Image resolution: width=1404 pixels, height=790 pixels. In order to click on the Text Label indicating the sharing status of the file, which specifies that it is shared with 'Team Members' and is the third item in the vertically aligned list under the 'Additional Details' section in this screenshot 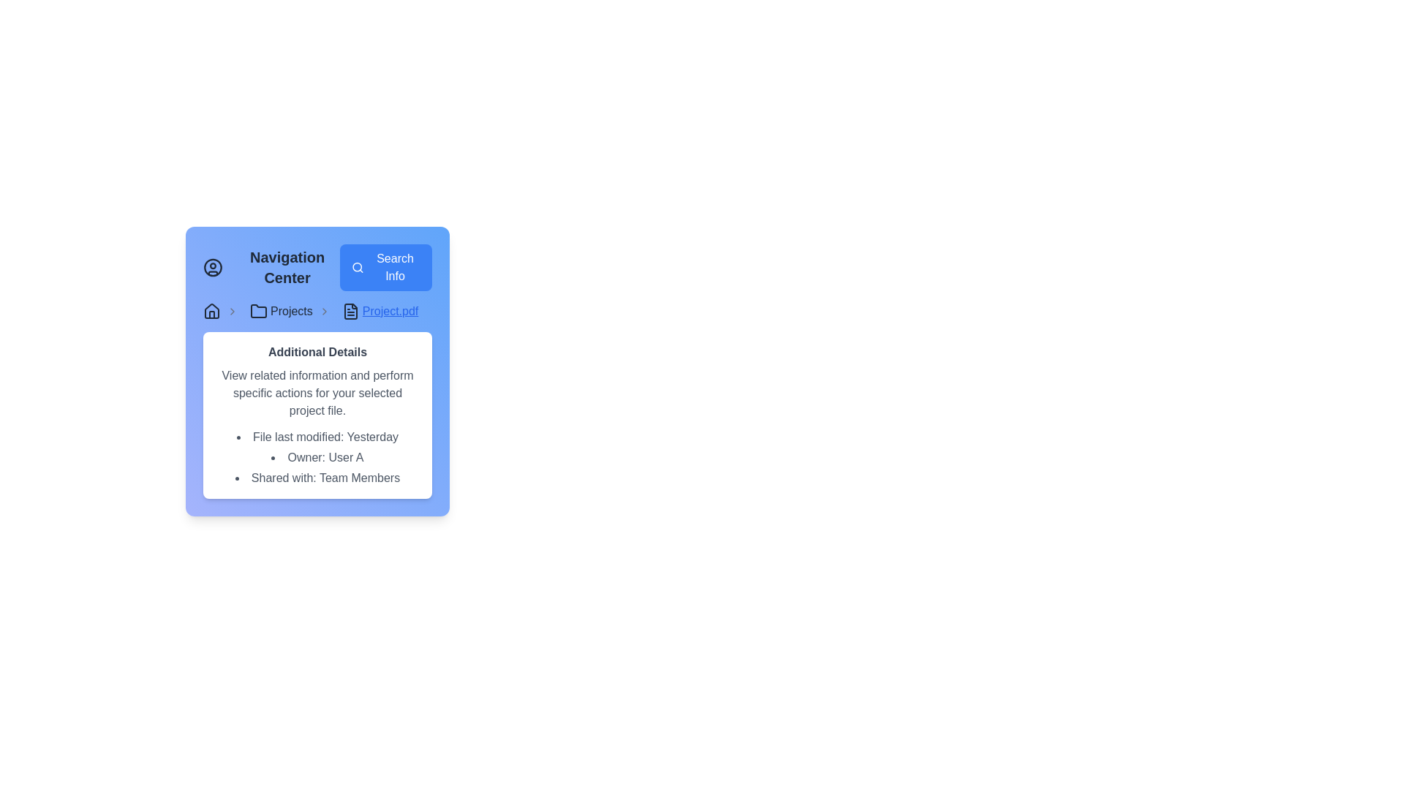, I will do `click(317, 478)`.